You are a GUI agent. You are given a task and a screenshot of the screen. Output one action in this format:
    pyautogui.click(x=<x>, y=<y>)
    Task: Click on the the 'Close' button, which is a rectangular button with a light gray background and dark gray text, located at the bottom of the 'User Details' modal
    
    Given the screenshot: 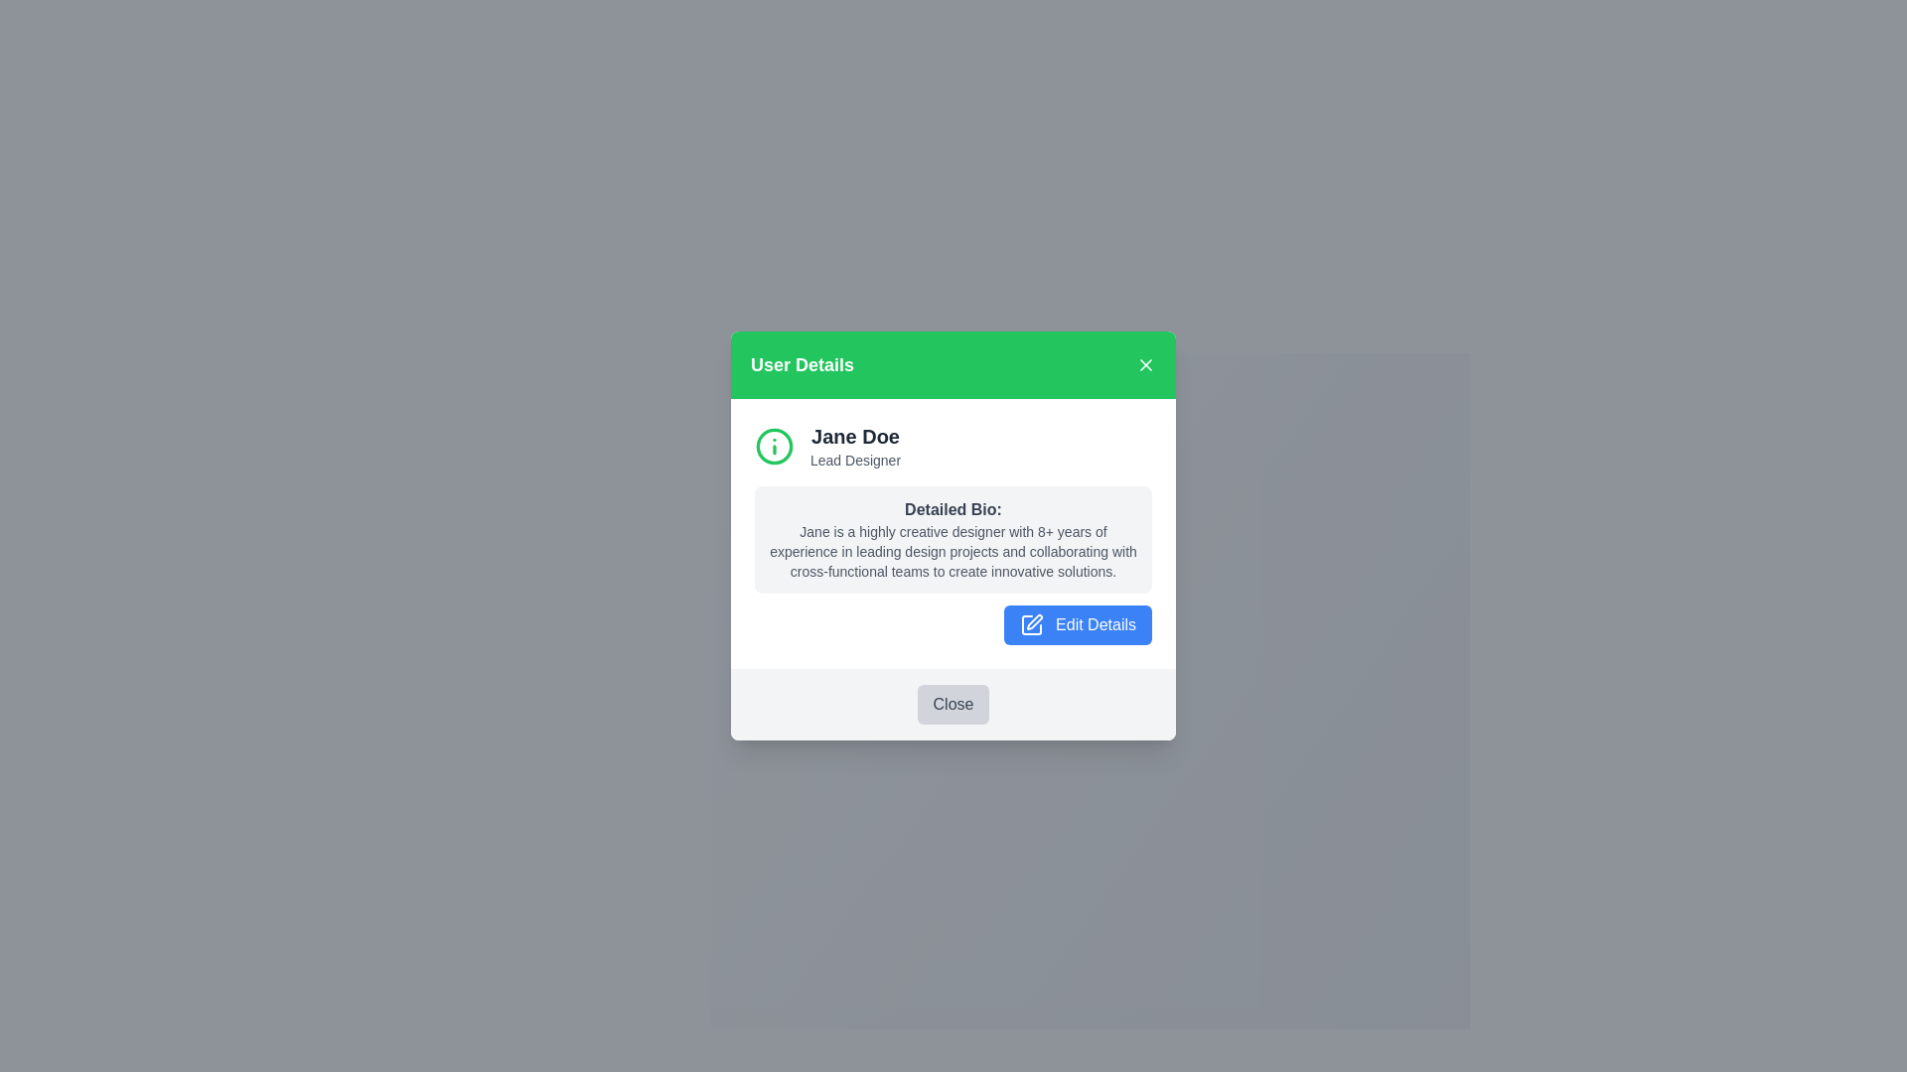 What is the action you would take?
    pyautogui.click(x=953, y=703)
    